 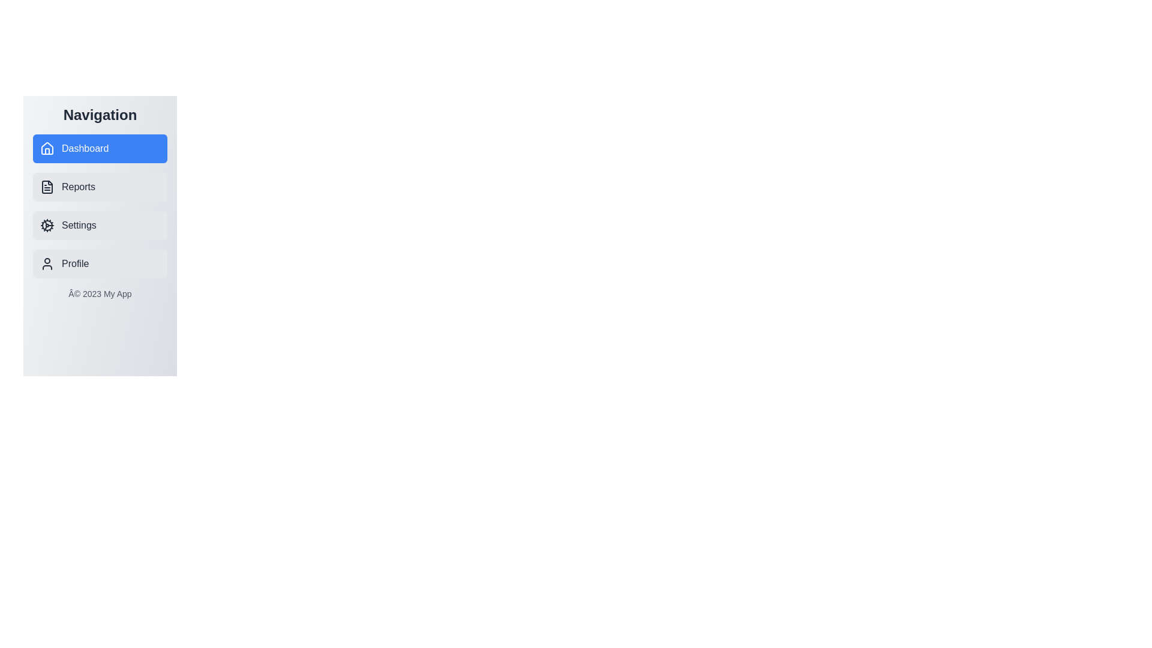 What do you see at coordinates (47, 263) in the screenshot?
I see `the 'Profile' navigation icon located at the beginning of the 'Profile' row in the left-hand side navigation menu` at bounding box center [47, 263].